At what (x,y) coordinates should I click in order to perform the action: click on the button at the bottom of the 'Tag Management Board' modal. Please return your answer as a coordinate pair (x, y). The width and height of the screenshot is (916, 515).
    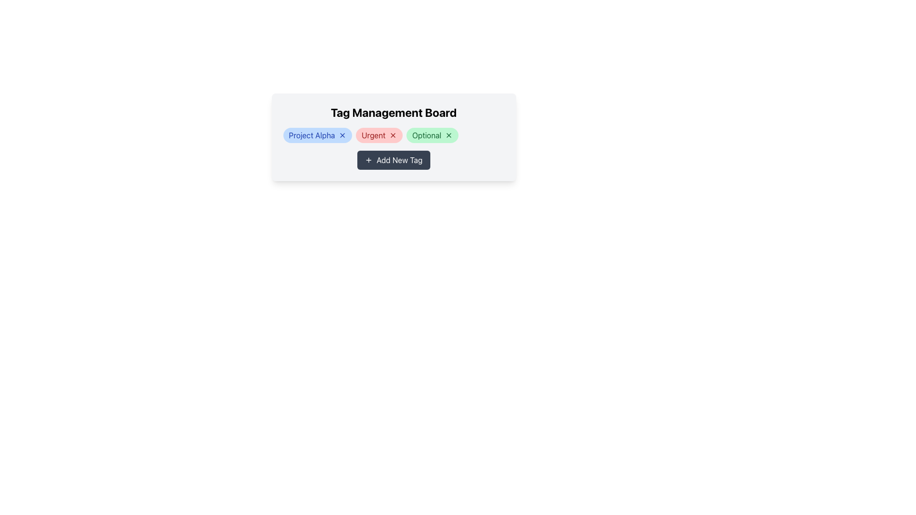
    Looking at the image, I should click on (394, 159).